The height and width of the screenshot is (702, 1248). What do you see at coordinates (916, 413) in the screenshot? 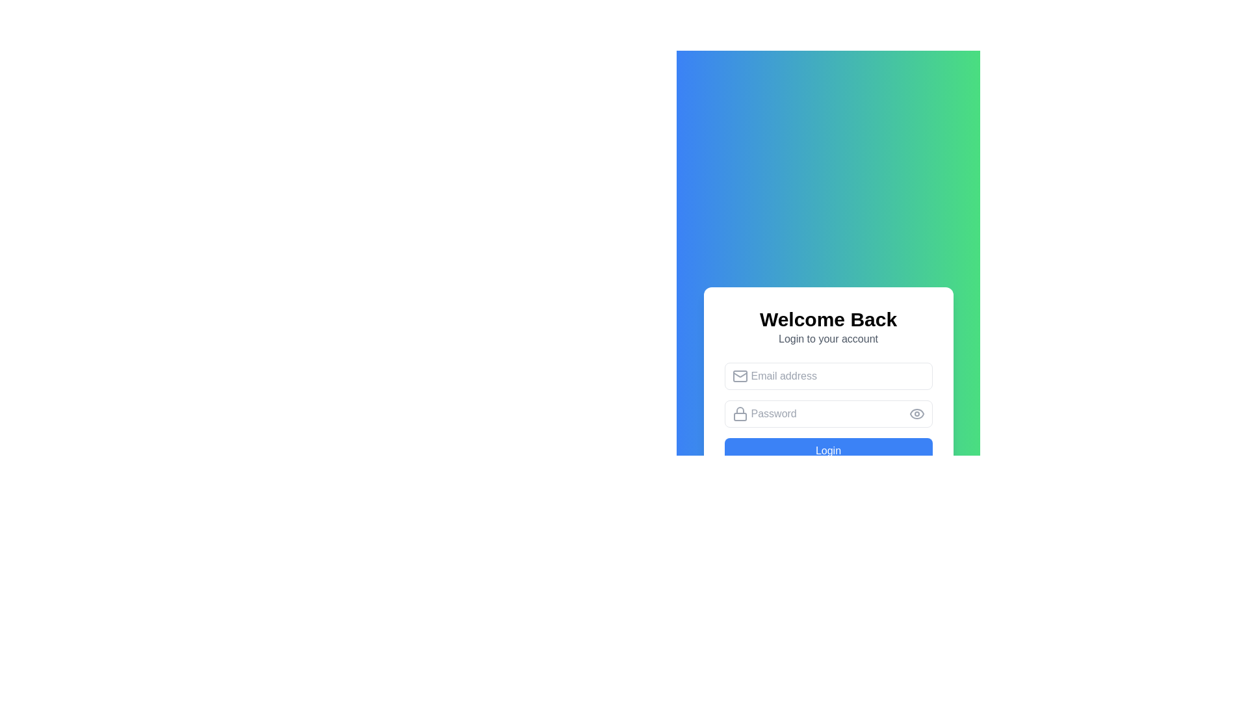
I see `the eye-like graphic icon located on the right side of the password input box` at bounding box center [916, 413].